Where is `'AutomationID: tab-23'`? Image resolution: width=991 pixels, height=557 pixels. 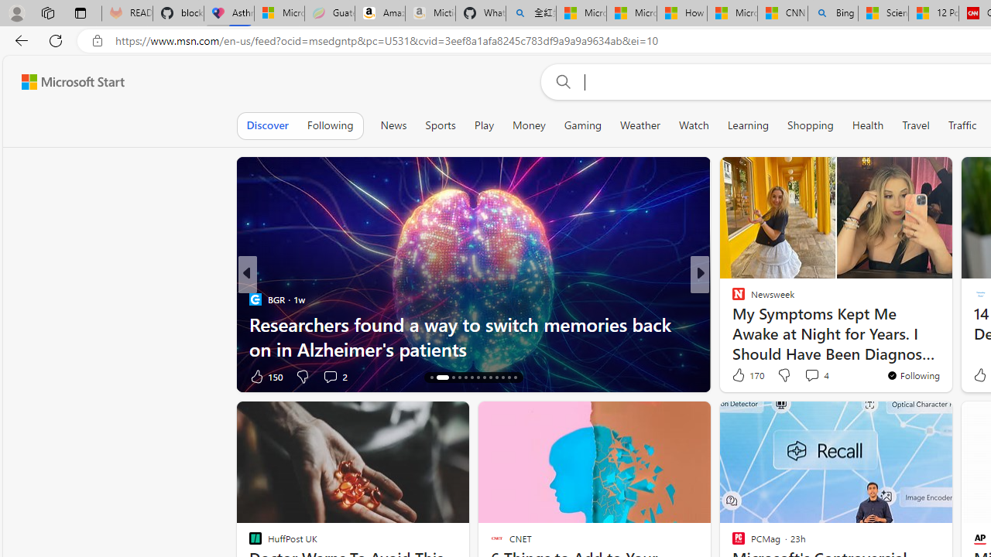
'AutomationID: tab-23' is located at coordinates (496, 378).